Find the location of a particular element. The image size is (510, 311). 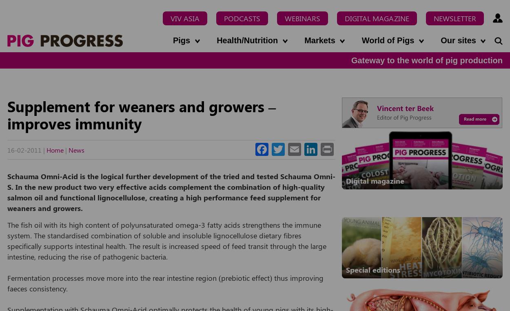

'VIV ASIA' is located at coordinates (184, 18).